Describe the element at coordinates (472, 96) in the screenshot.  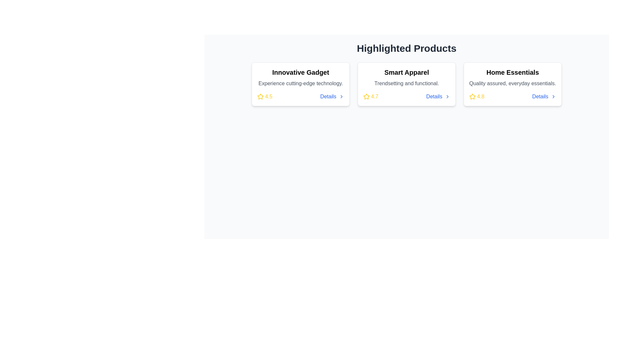
I see `the rating symbol icon located in the 'Home Essentials' section, positioned below its title and to the left of the numeric rating value '4.8'` at that location.